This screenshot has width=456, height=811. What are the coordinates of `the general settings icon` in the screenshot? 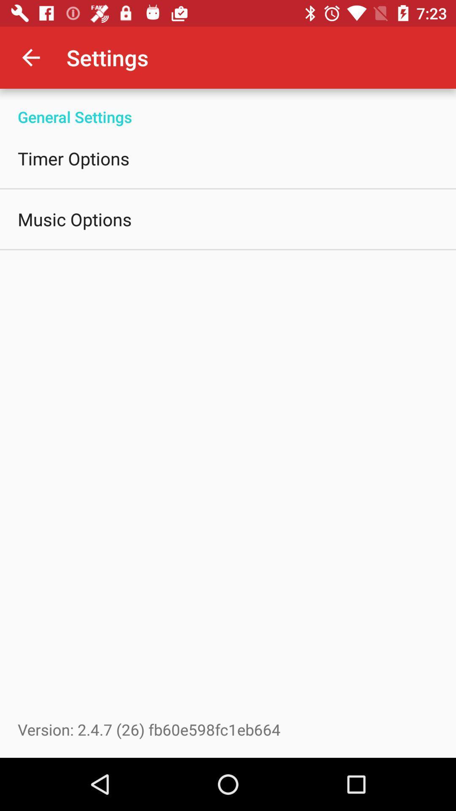 It's located at (228, 107).